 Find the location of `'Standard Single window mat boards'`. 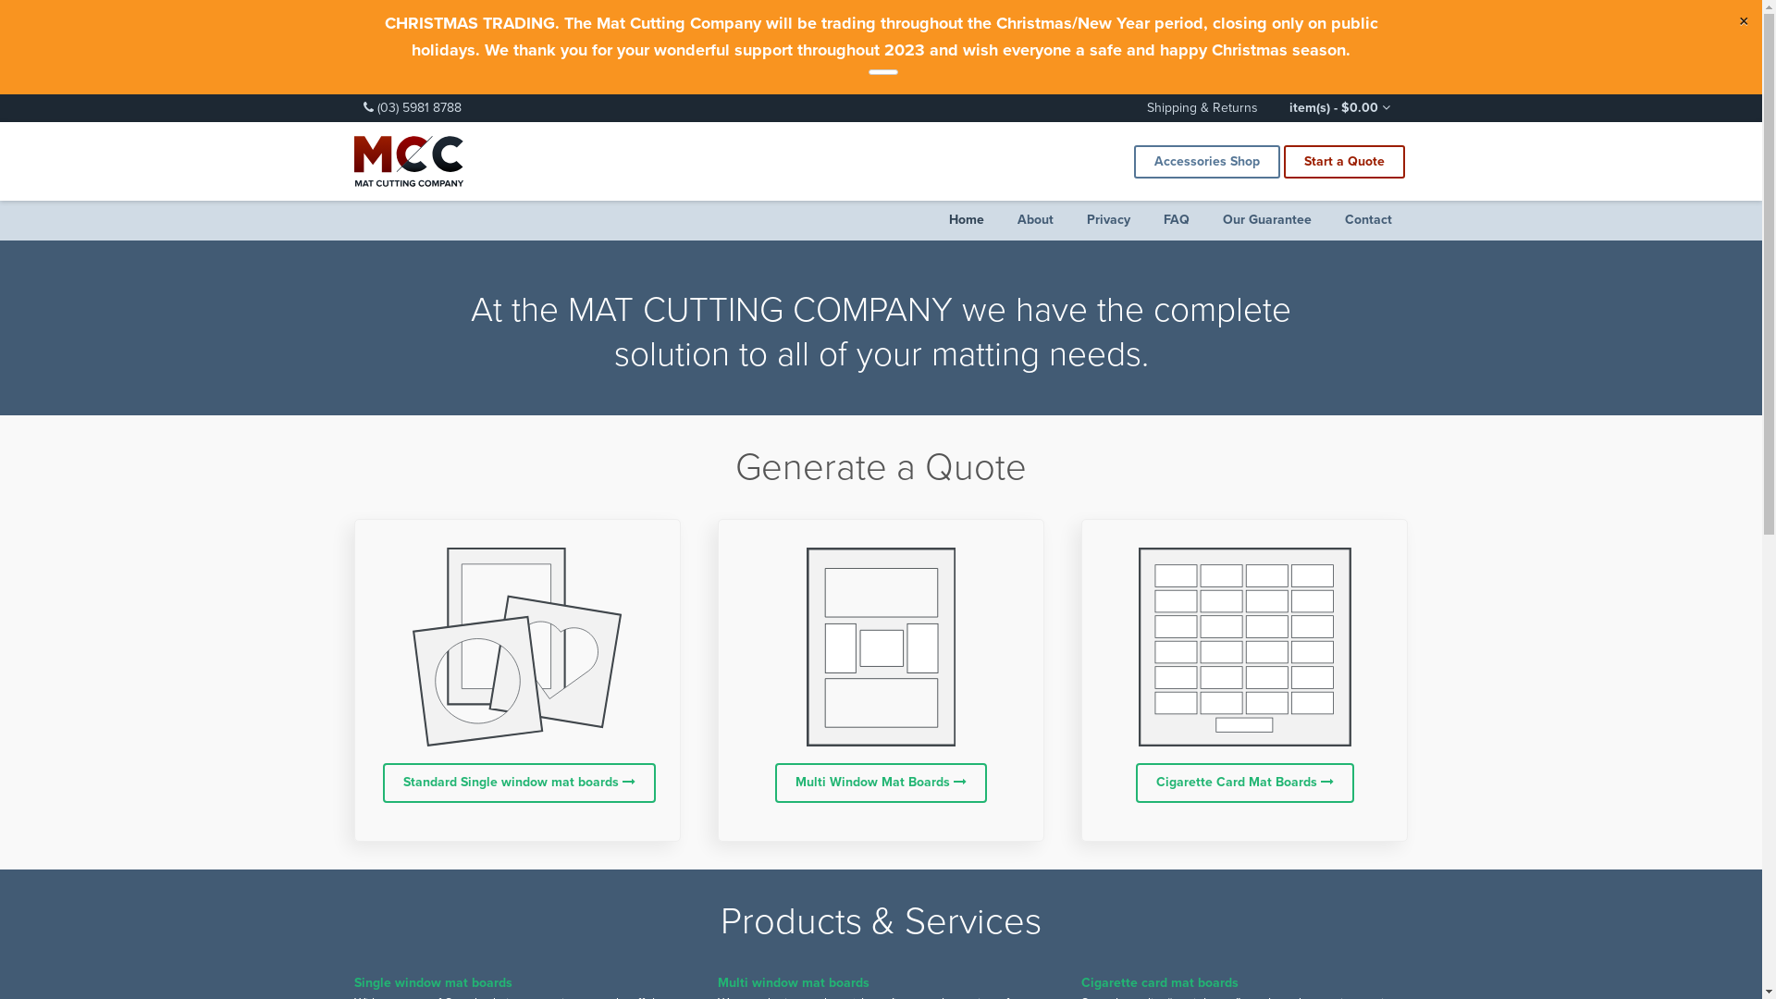

'Standard Single window mat boards' is located at coordinates (518, 783).